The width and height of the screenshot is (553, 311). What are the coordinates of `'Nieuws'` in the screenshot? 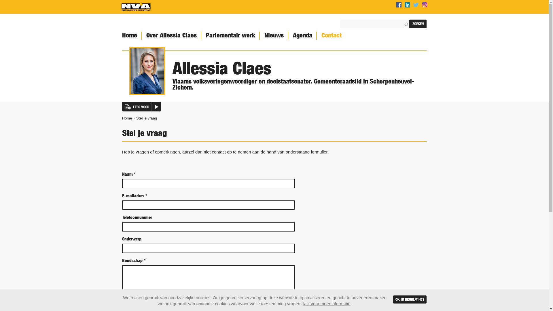 It's located at (273, 35).